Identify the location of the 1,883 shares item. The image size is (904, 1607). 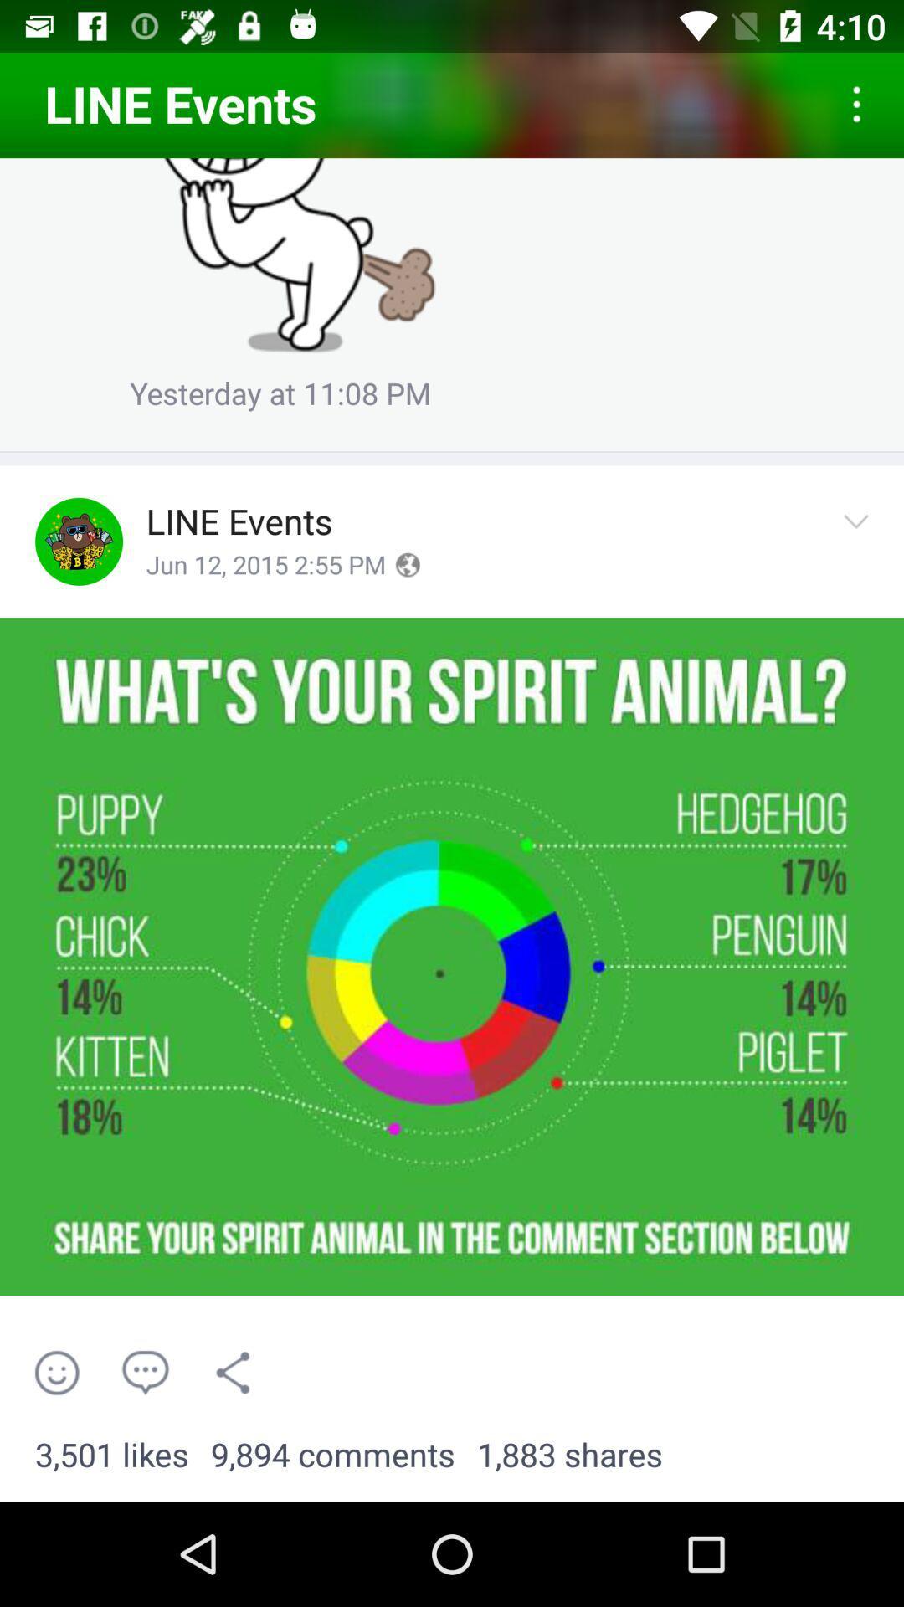
(569, 1455).